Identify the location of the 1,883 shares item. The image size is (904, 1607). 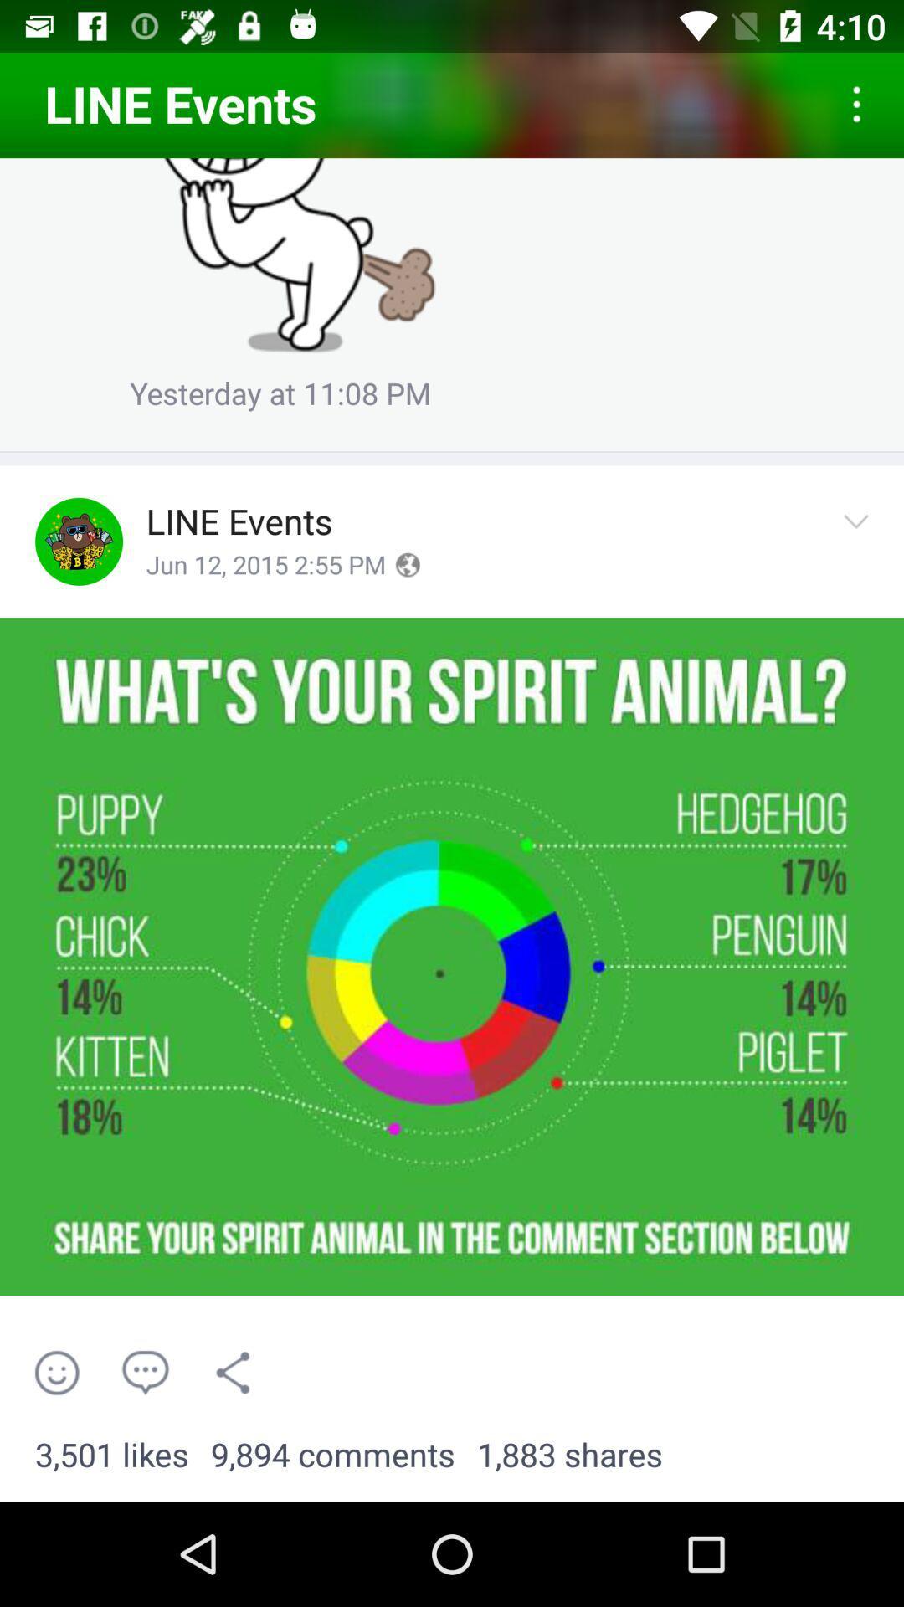
(569, 1455).